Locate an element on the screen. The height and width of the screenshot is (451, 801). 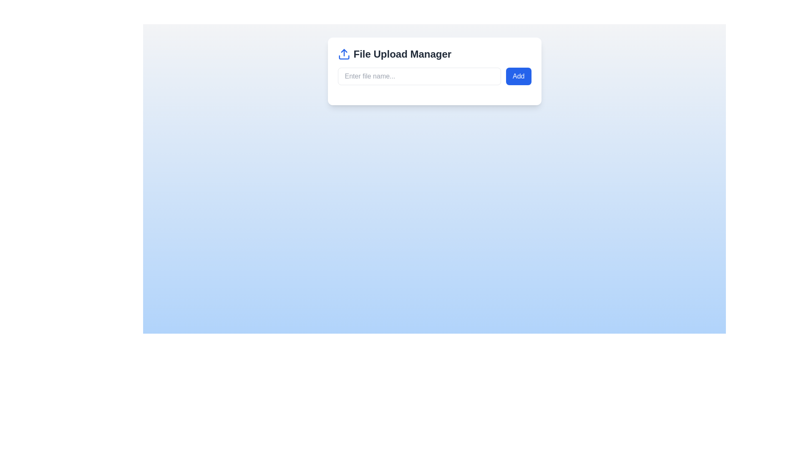
the 'Add' button, which is a rectangular button with rounded corners located in the upper center of the 'File Upload Manager' card is located at coordinates (518, 76).